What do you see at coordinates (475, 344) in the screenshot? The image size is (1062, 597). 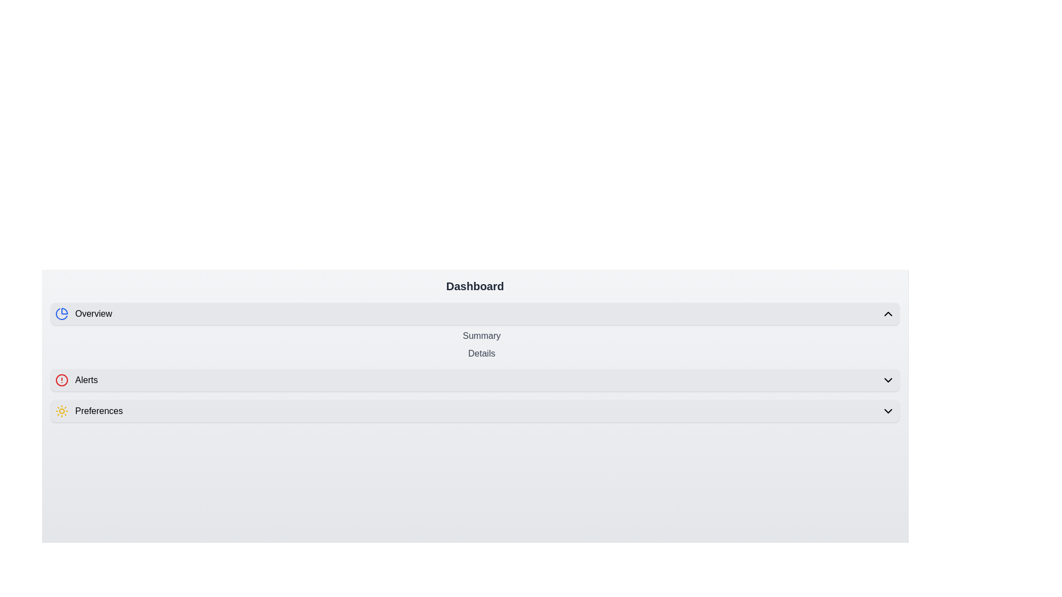 I see `text content of the Text group displaying 'Summary' and 'Details' located below the 'Overview' section and above the 'Alerts' section` at bounding box center [475, 344].